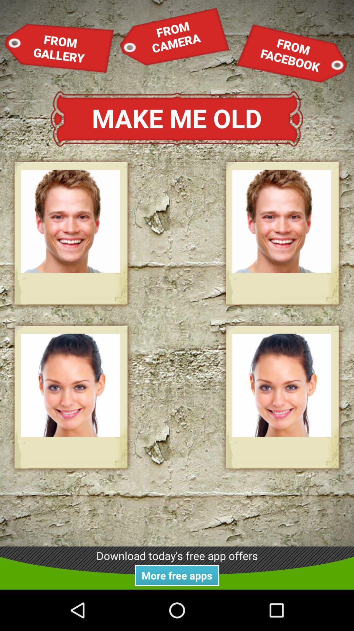  What do you see at coordinates (60, 48) in the screenshot?
I see `icon to the left of the from` at bounding box center [60, 48].